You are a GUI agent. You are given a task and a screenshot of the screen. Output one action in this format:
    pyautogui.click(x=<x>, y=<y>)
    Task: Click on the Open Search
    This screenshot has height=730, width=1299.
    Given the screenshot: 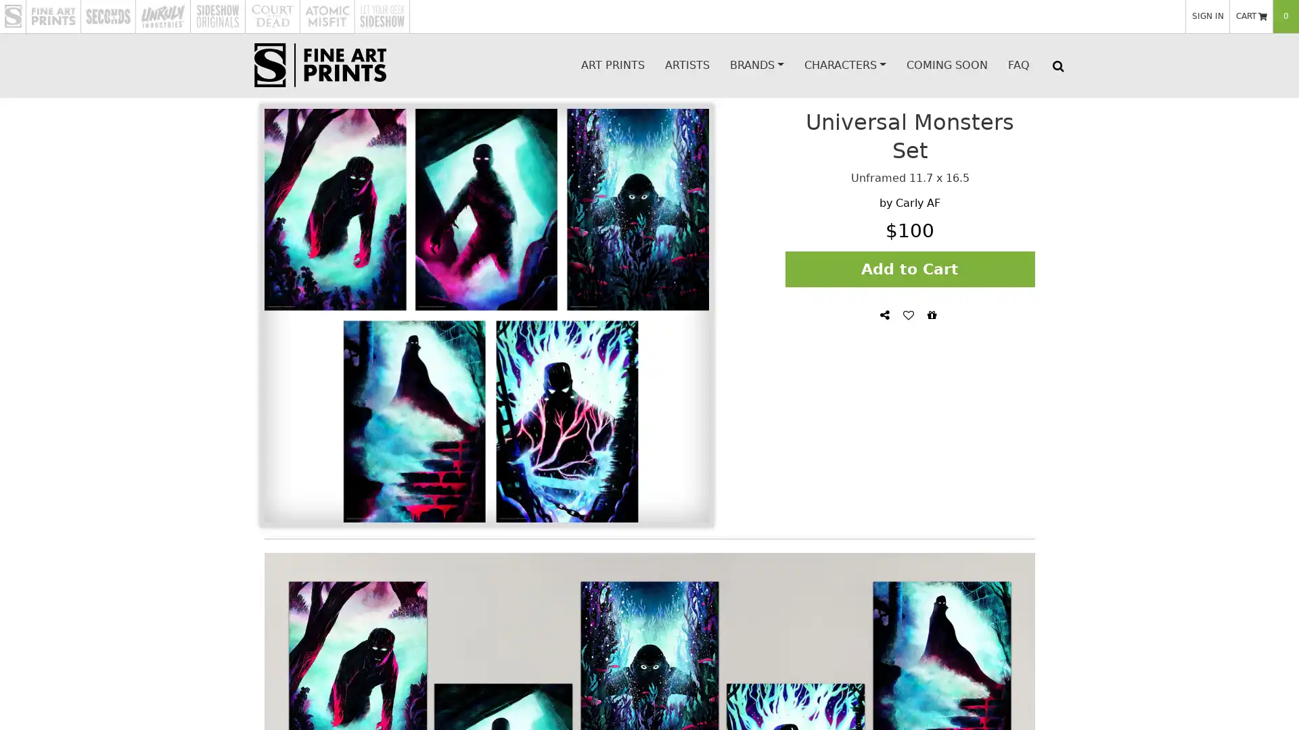 What is the action you would take?
    pyautogui.click(x=1057, y=66)
    